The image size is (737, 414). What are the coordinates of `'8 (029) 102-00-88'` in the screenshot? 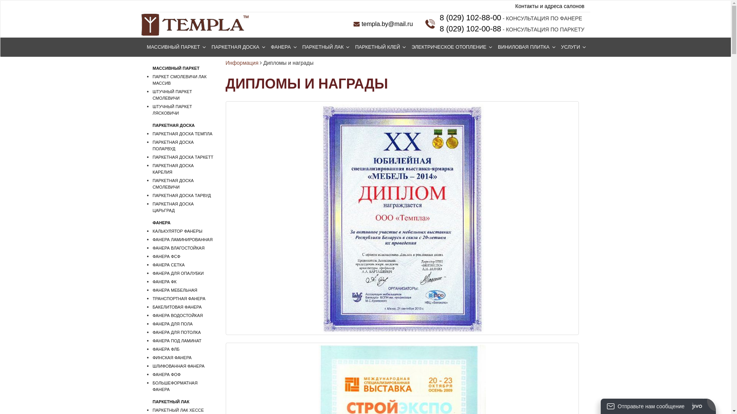 It's located at (470, 28).